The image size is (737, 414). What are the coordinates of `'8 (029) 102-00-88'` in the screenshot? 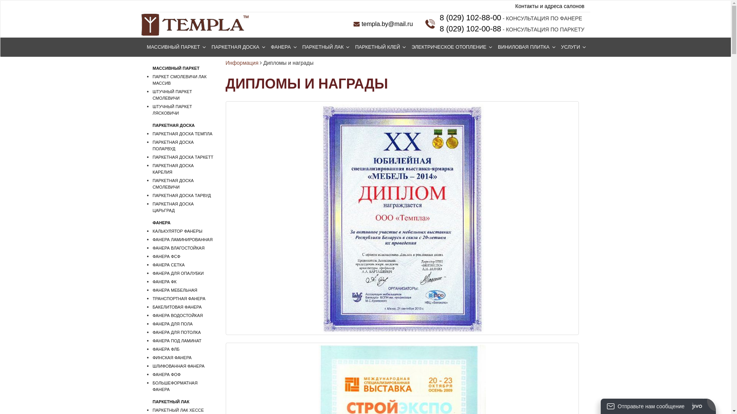 It's located at (470, 28).